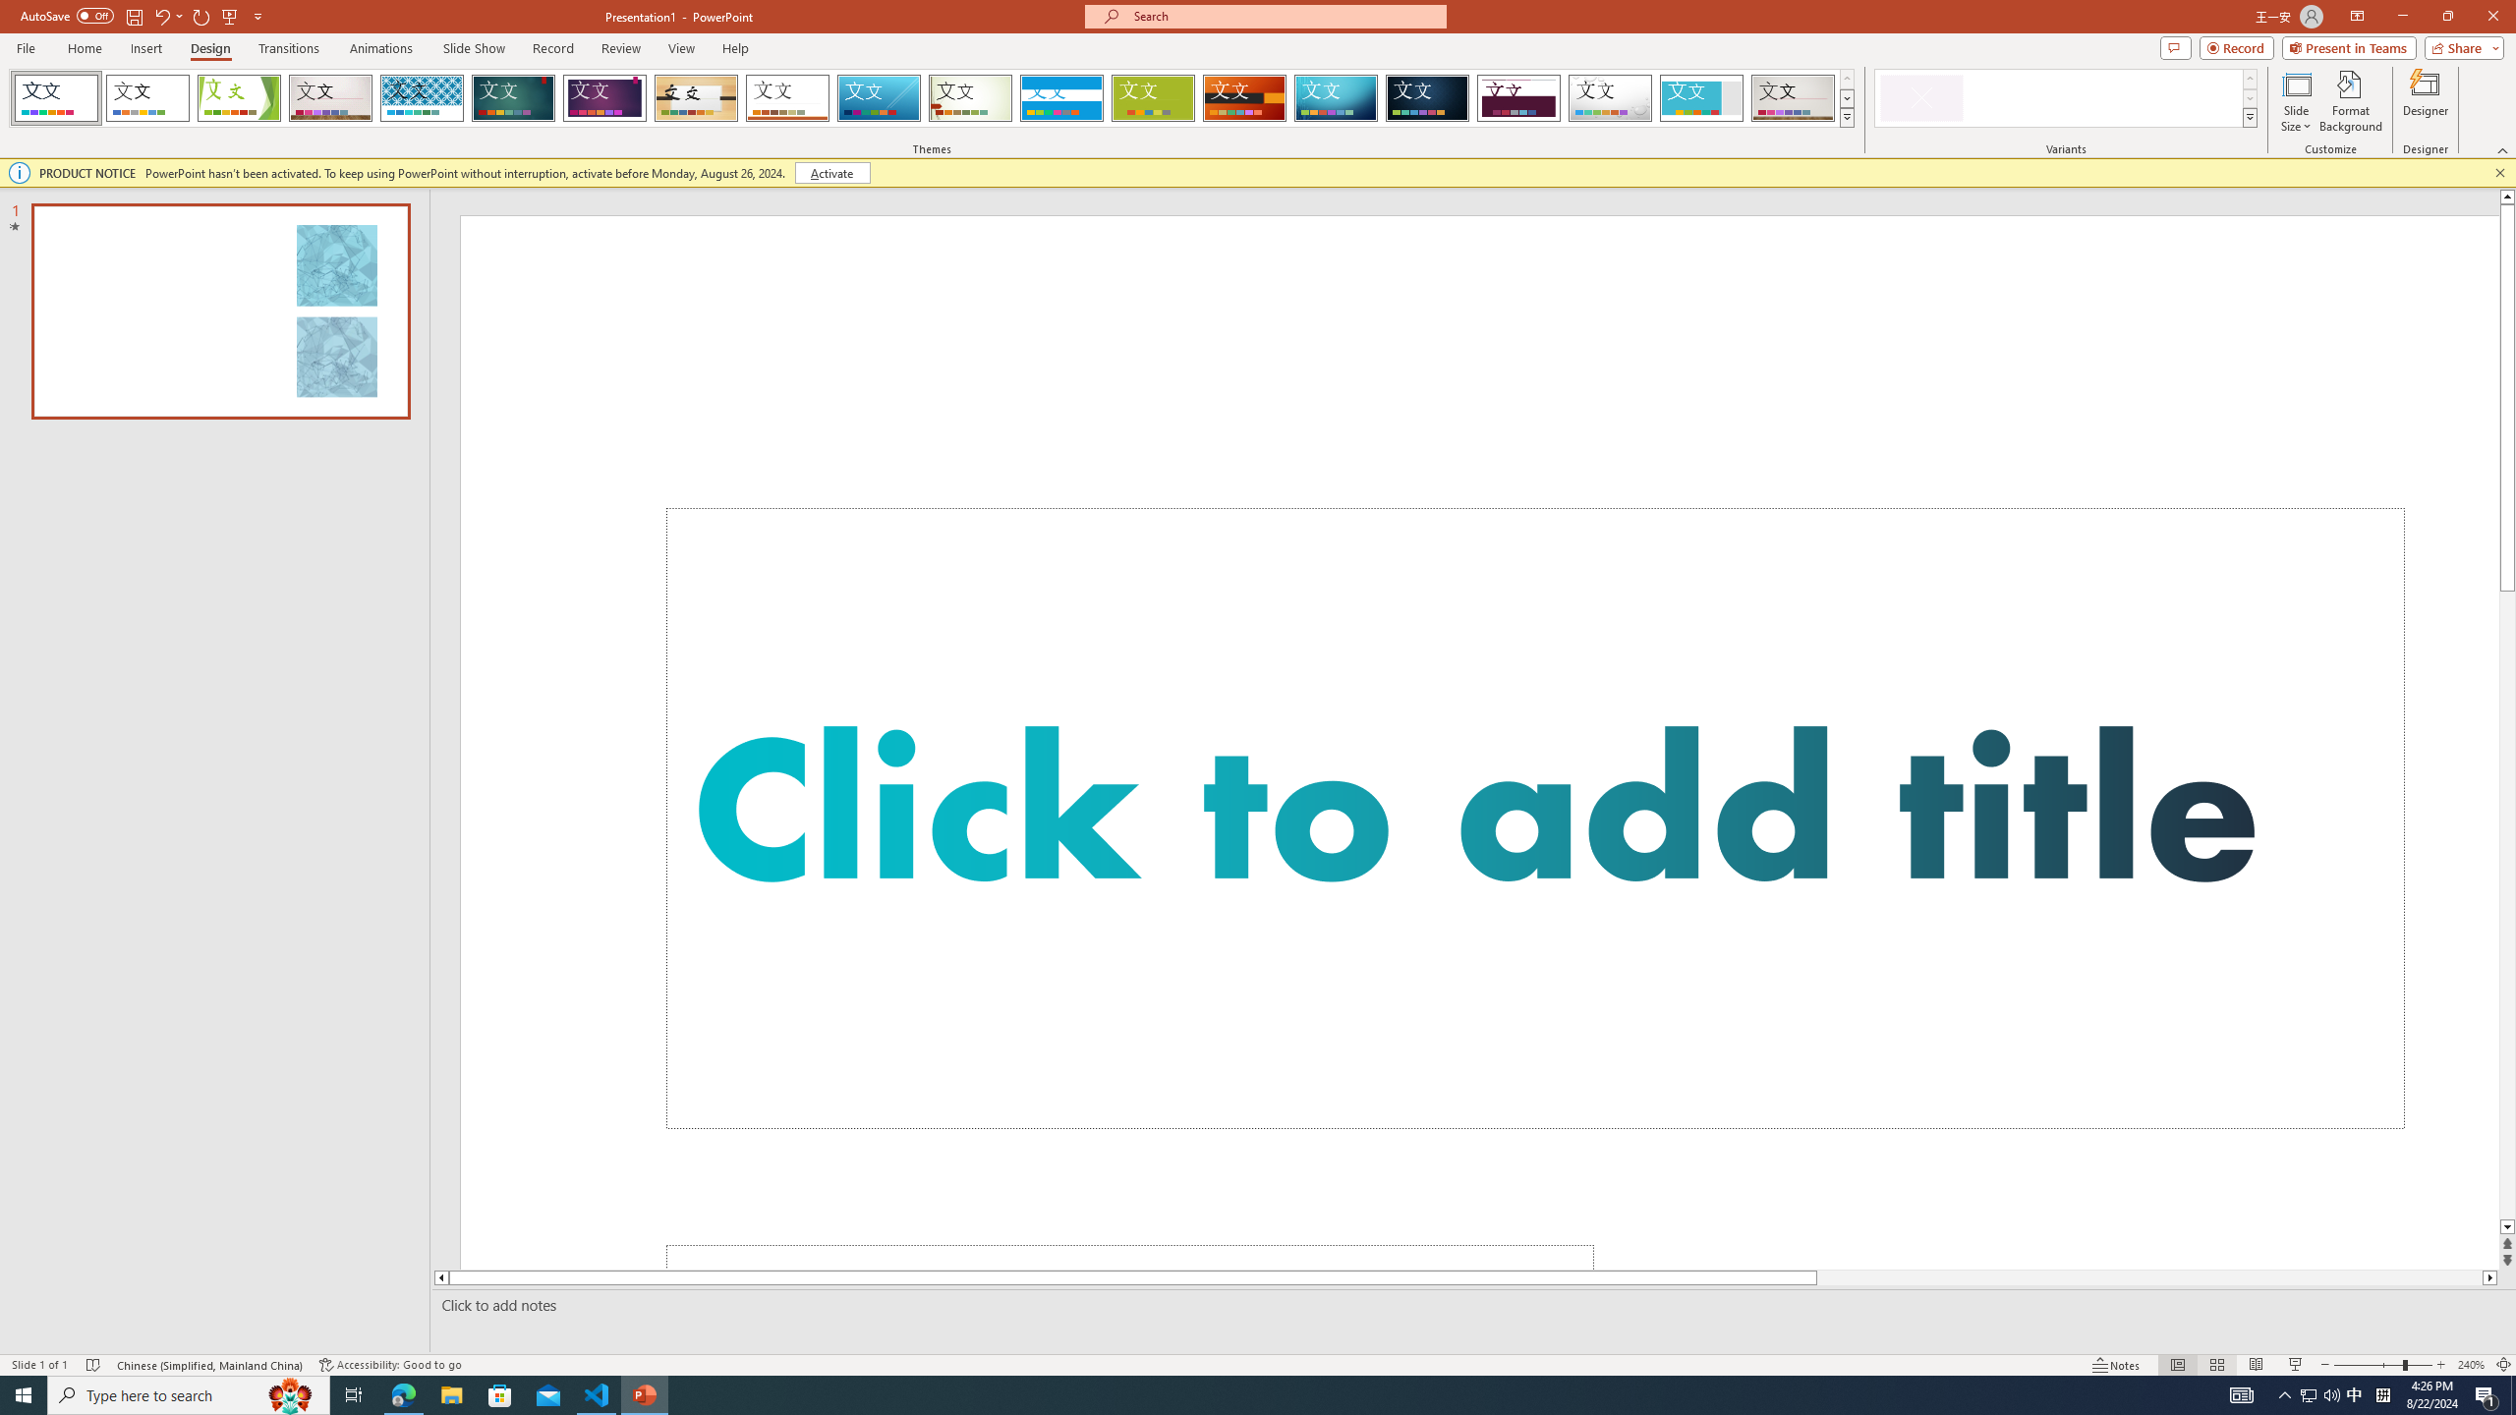  Describe the element at coordinates (2248, 97) in the screenshot. I see `'Row Down'` at that location.